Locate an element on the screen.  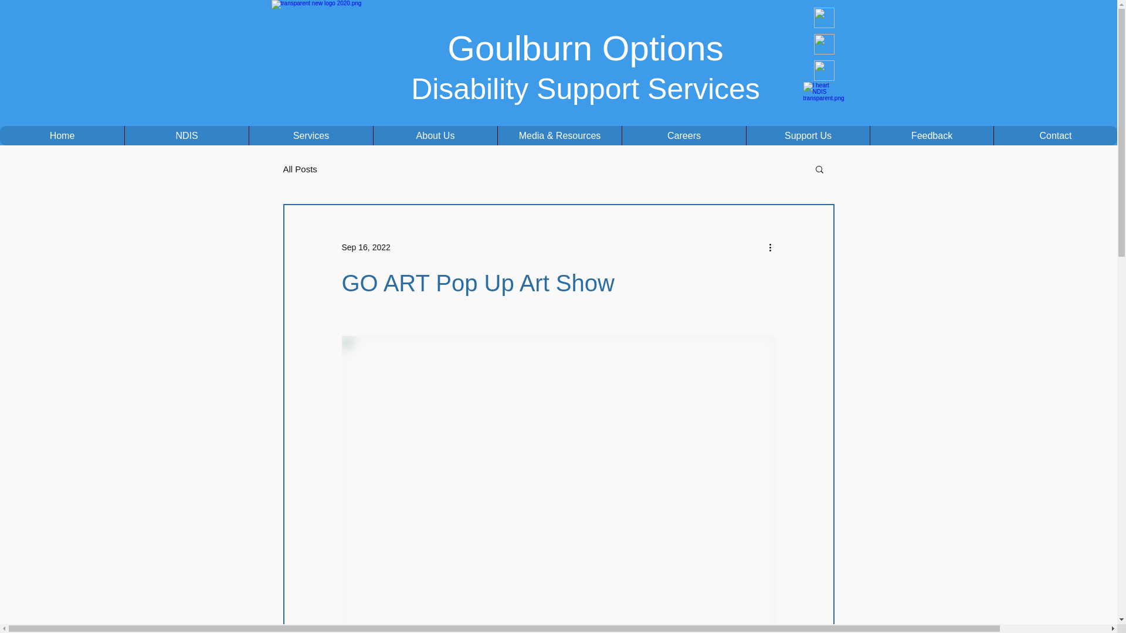
'About Us' is located at coordinates (435, 135).